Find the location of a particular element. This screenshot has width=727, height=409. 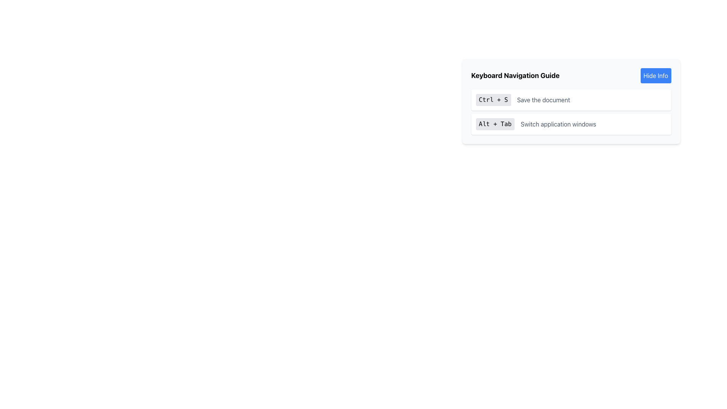

the Informational Panel titled 'Keyboard Navigation Guide' which provides keyboard shortcuts and their functions is located at coordinates (571, 112).